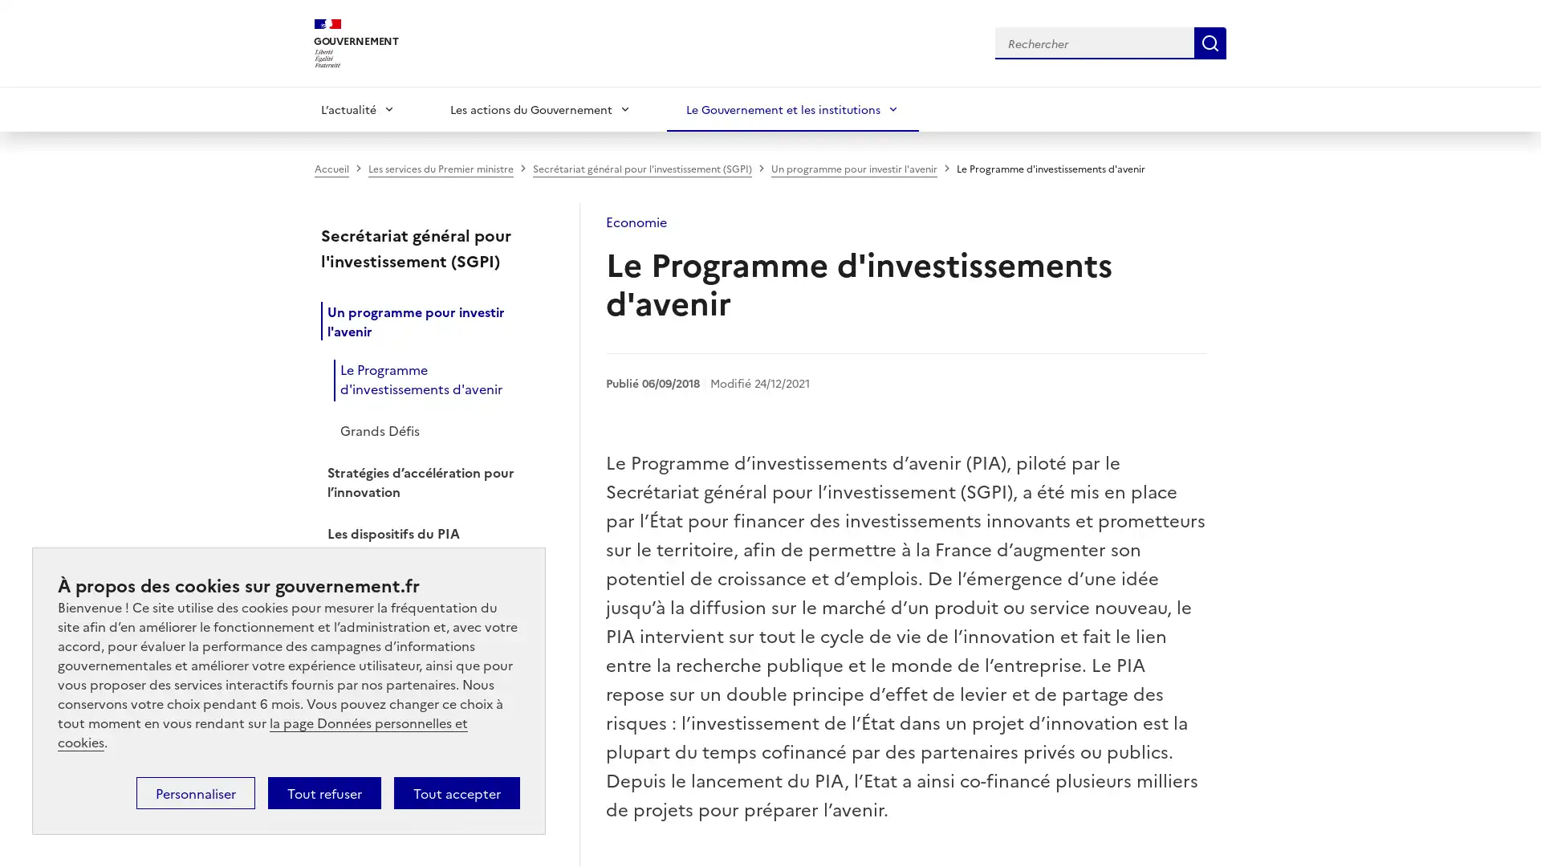 The image size is (1541, 867). I want to click on Les actions du Gouvernement, so click(540, 108).